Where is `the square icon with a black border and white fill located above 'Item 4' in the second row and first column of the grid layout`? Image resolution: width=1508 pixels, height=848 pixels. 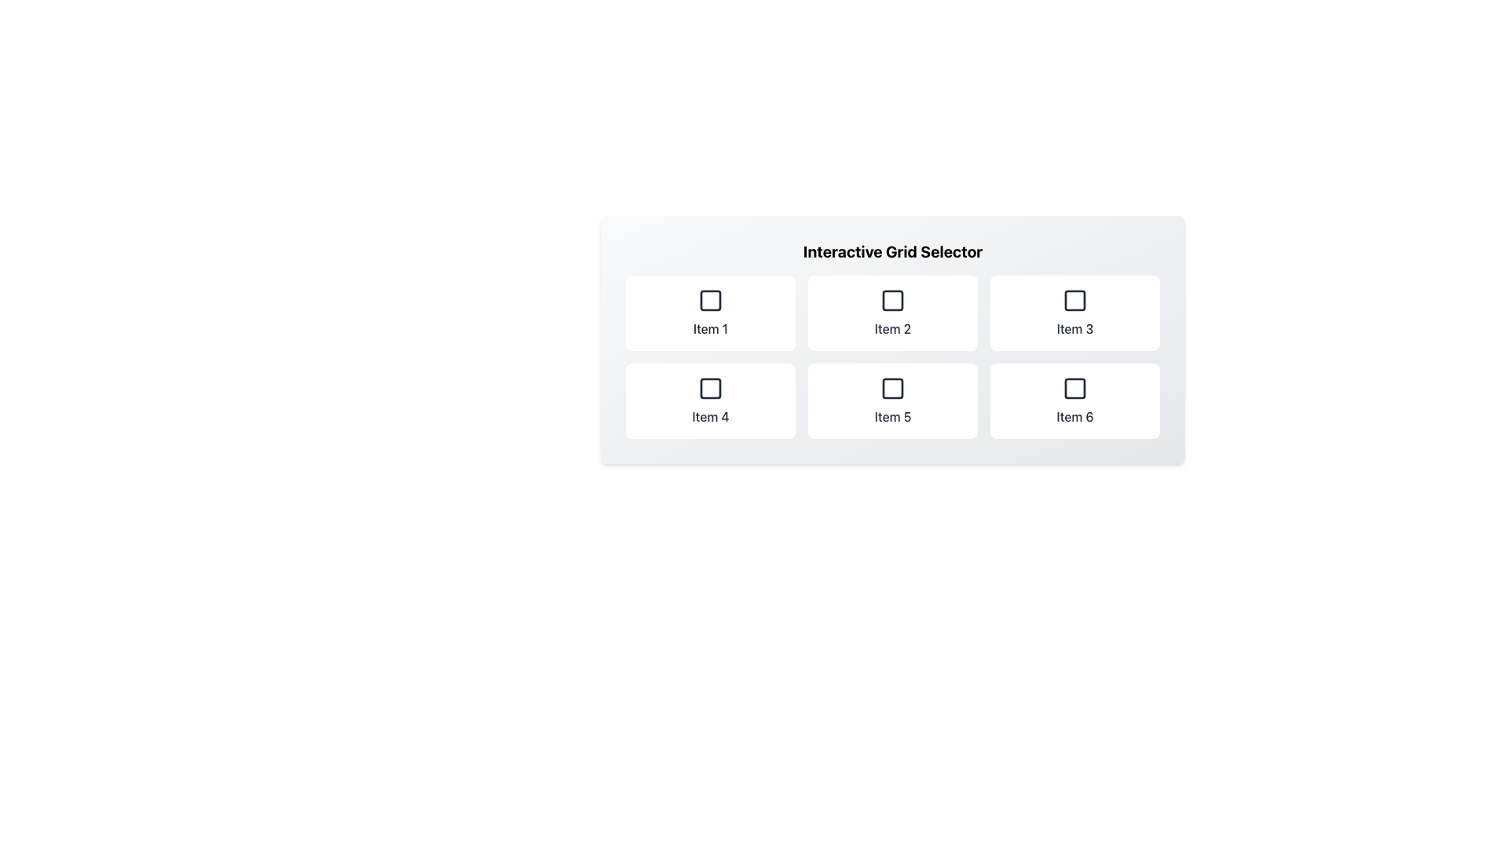 the square icon with a black border and white fill located above 'Item 4' in the second row and first column of the grid layout is located at coordinates (710, 388).